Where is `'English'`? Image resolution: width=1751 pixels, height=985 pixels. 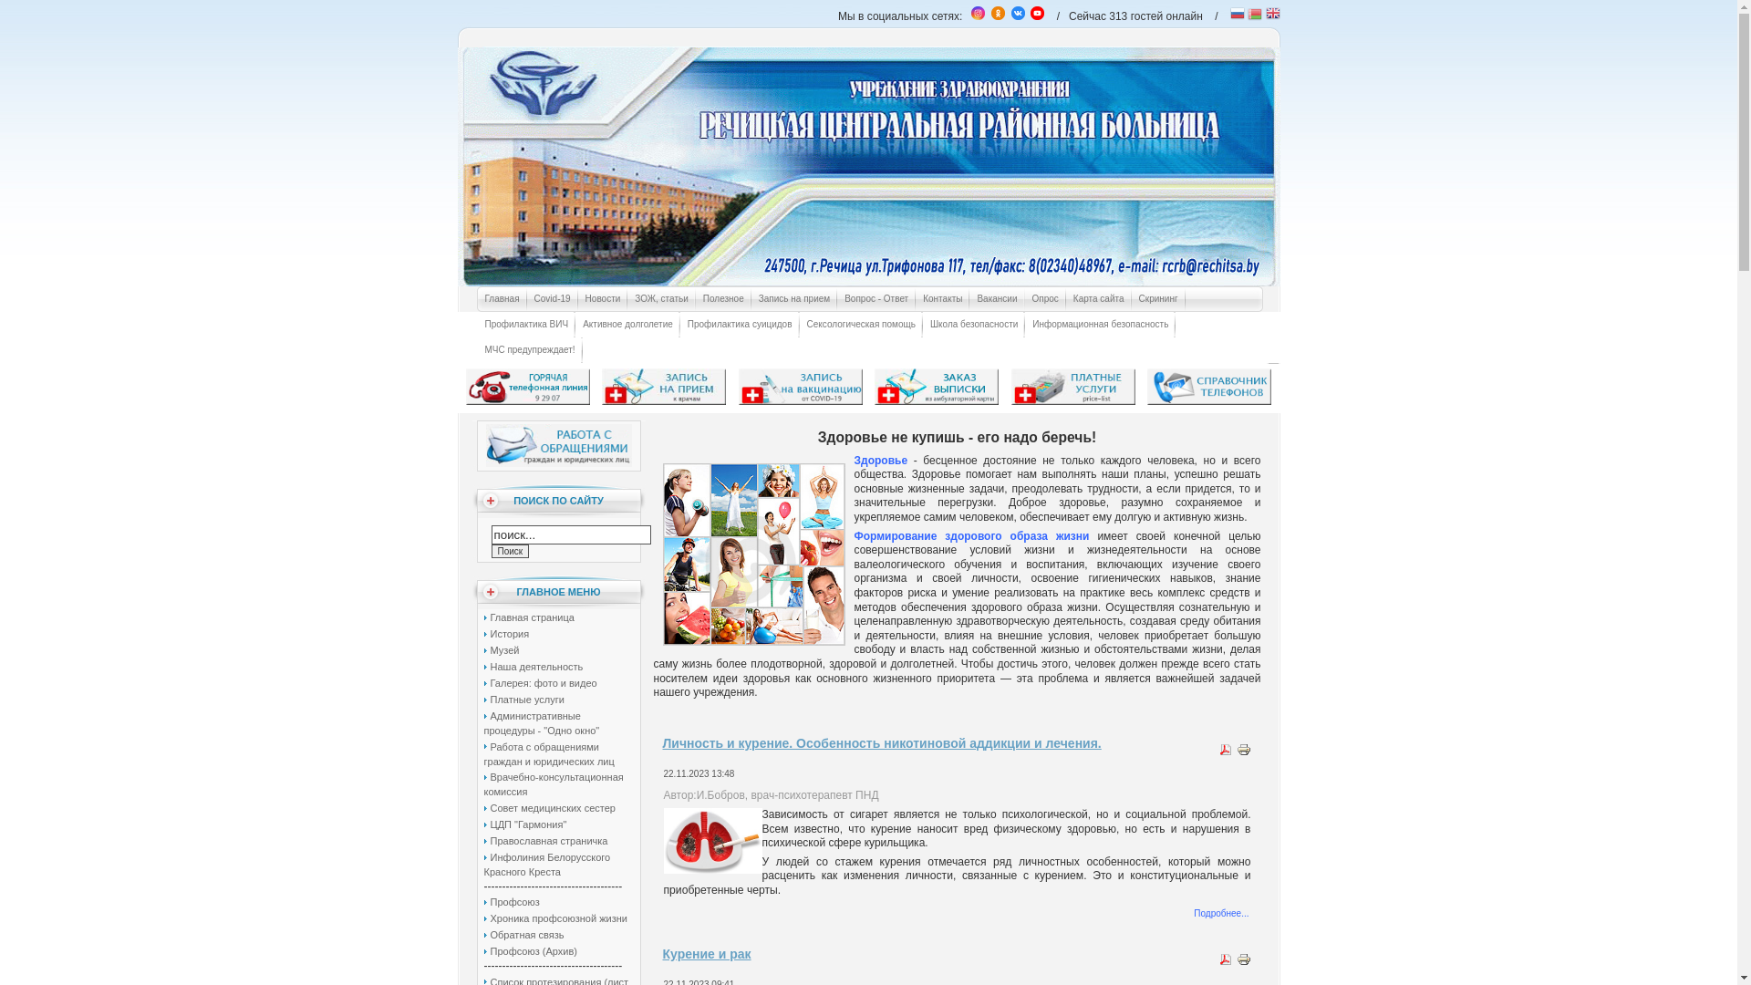
'English' is located at coordinates (1272, 15).